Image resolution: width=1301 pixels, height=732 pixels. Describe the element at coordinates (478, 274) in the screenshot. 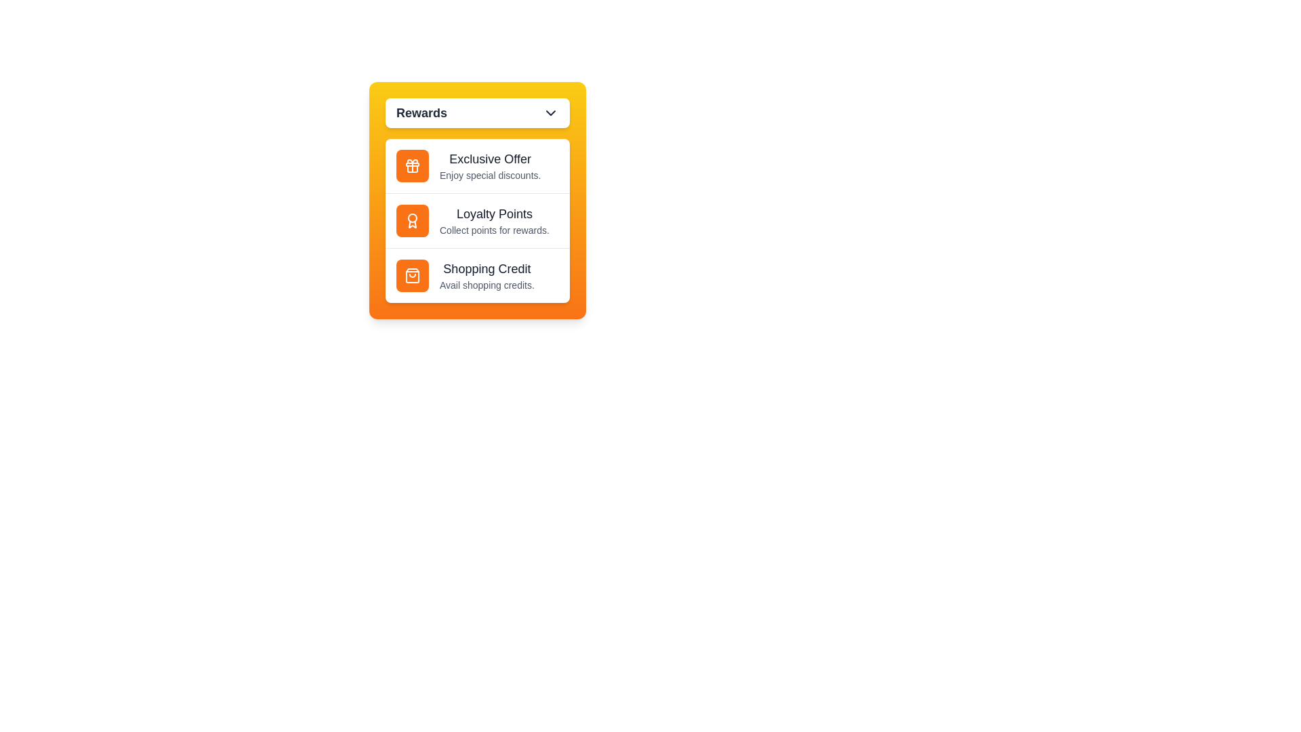

I see `the Informational List Item that provides details about shopping credits, located as the third item in the list` at that location.